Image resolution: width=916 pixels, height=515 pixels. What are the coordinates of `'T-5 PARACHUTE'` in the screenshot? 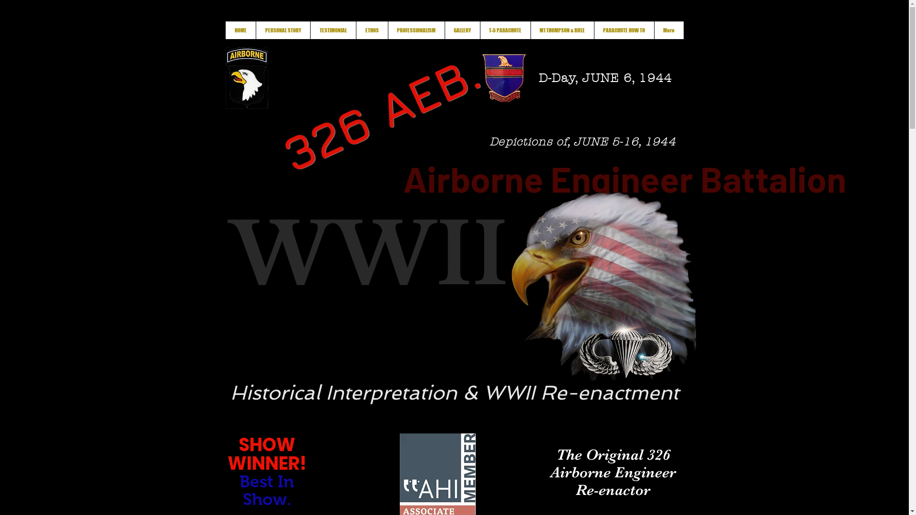 It's located at (505, 30).